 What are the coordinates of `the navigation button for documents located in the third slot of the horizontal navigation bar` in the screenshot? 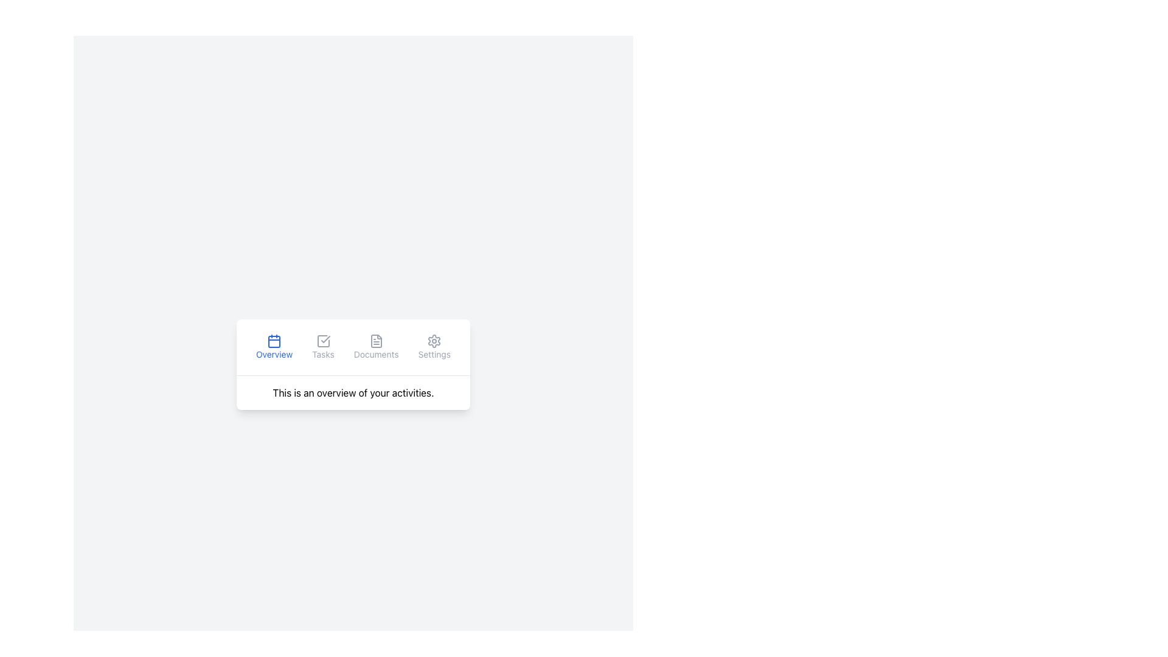 It's located at (375, 347).